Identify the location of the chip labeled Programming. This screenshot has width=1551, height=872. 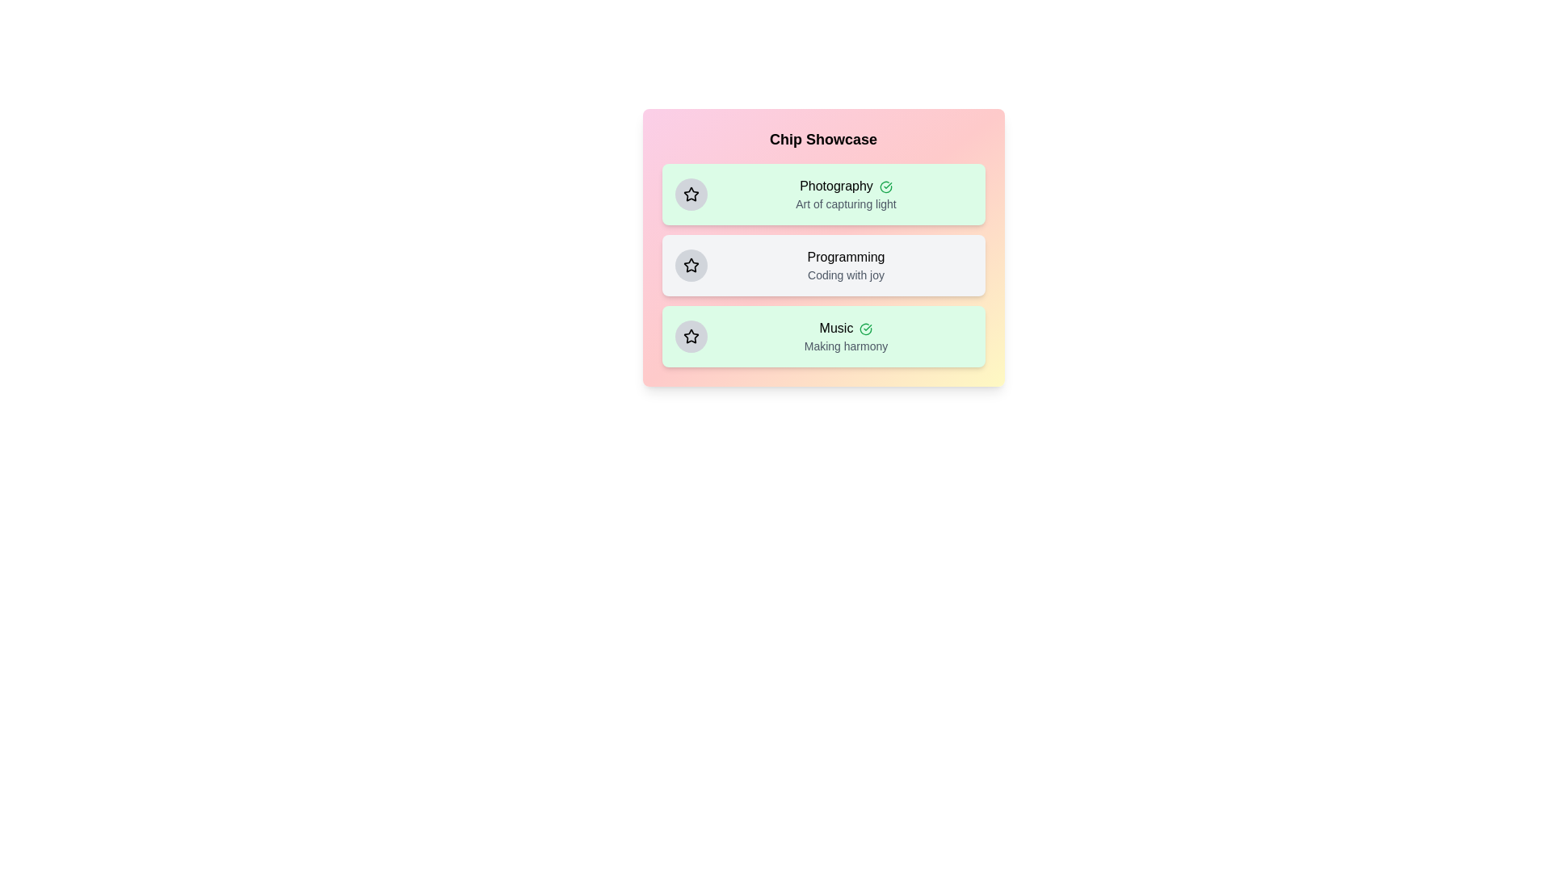
(823, 264).